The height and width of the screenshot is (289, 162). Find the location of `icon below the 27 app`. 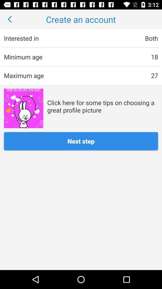

icon below the 27 app is located at coordinates (102, 106).